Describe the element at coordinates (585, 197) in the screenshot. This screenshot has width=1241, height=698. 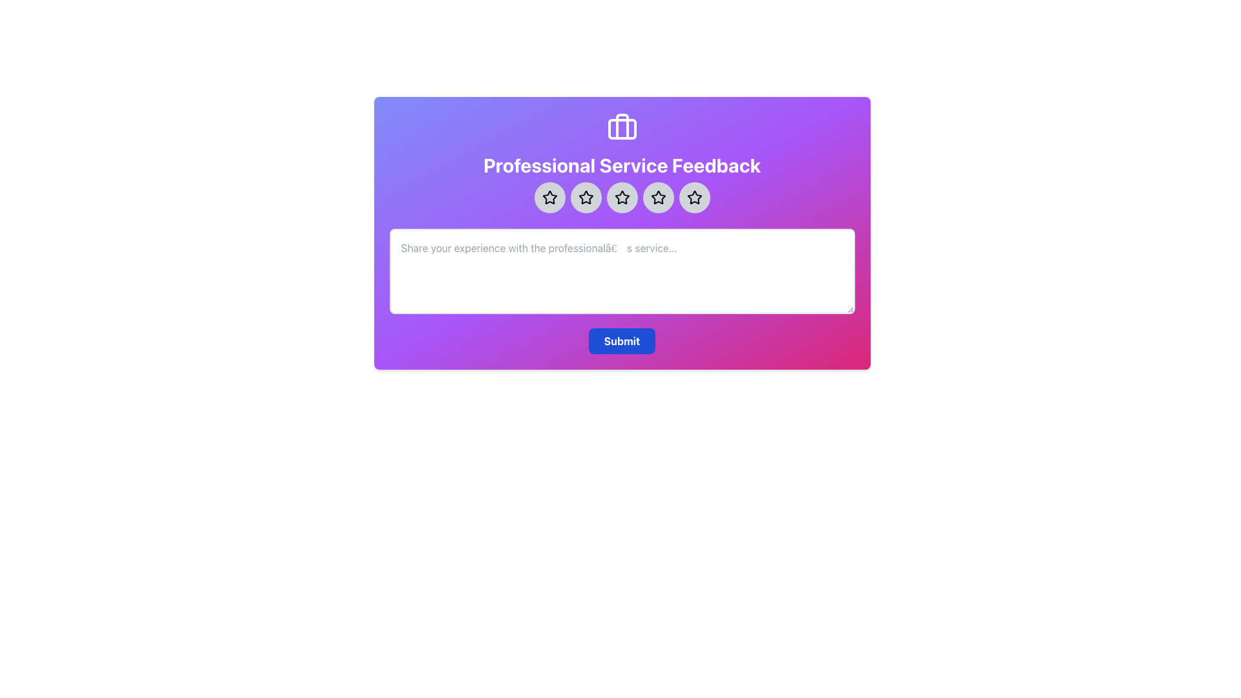
I see `the second star-shaped rating icon, which is part of a group of five stars below the title 'Professional Service Feedback'` at that location.